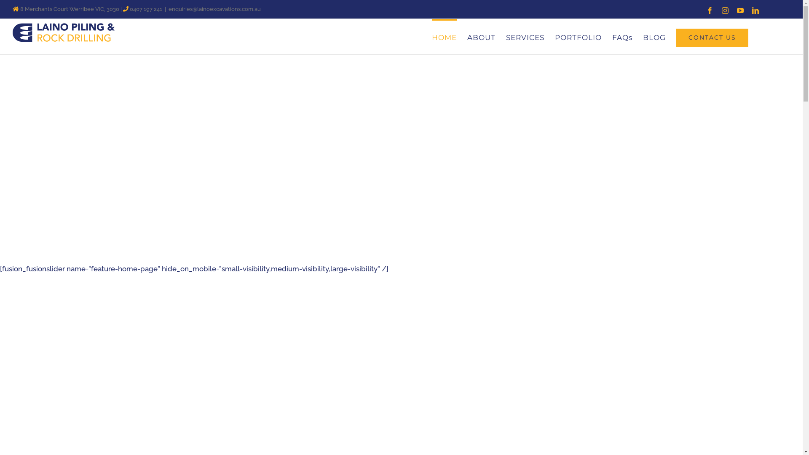 Image resolution: width=809 pixels, height=455 pixels. Describe the element at coordinates (622, 36) in the screenshot. I see `'FAQs'` at that location.